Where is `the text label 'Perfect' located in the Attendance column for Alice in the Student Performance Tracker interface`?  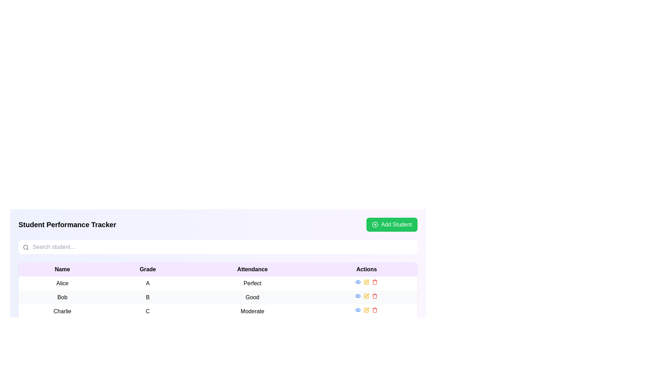
the text label 'Perfect' located in the Attendance column for Alice in the Student Performance Tracker interface is located at coordinates (252, 283).